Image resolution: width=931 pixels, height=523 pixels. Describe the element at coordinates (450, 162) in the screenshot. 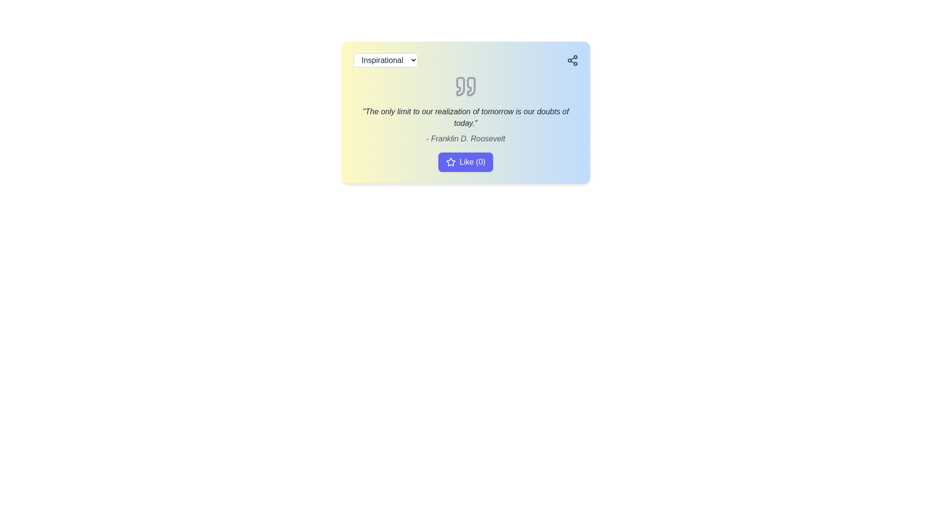

I see `the like icon located to the left of the text within the 'Like (0)' button at the bottom of the displayed card` at that location.